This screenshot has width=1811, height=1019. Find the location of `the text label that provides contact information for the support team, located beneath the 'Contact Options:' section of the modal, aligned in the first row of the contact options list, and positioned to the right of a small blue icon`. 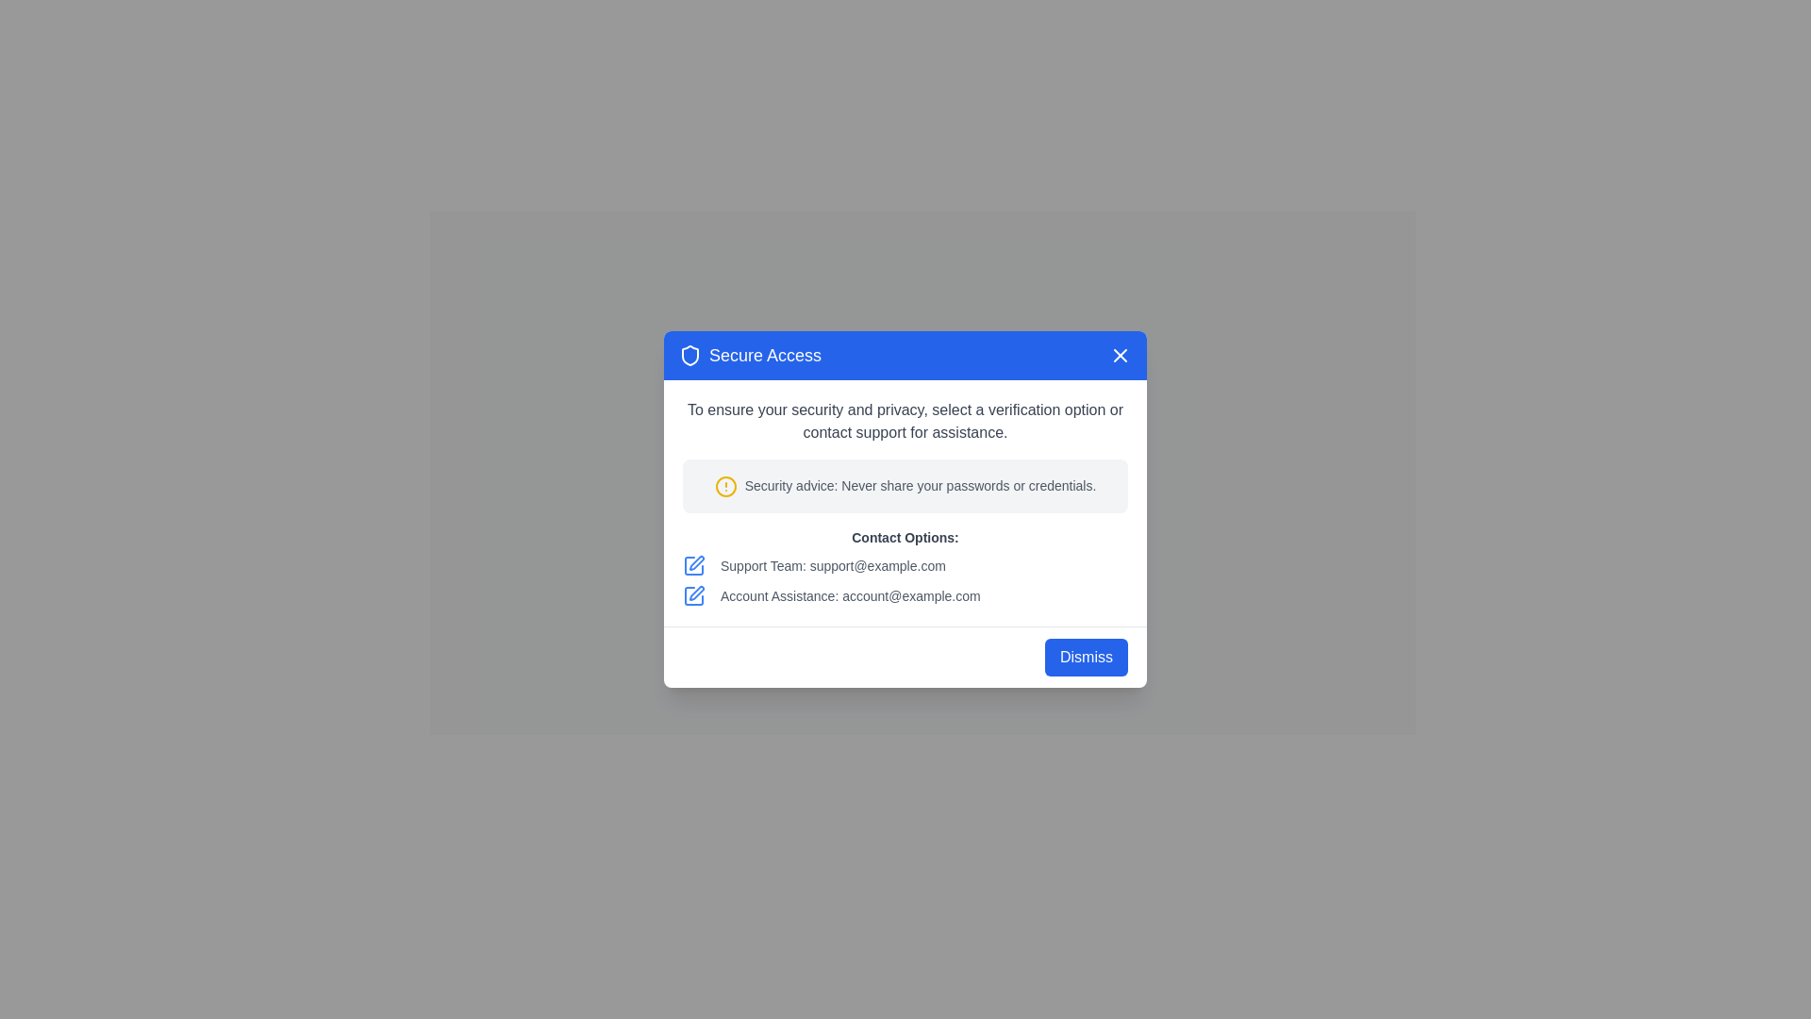

the text label that provides contact information for the support team, located beneath the 'Contact Options:' section of the modal, aligned in the first row of the contact options list, and positioned to the right of a small blue icon is located at coordinates (832, 564).